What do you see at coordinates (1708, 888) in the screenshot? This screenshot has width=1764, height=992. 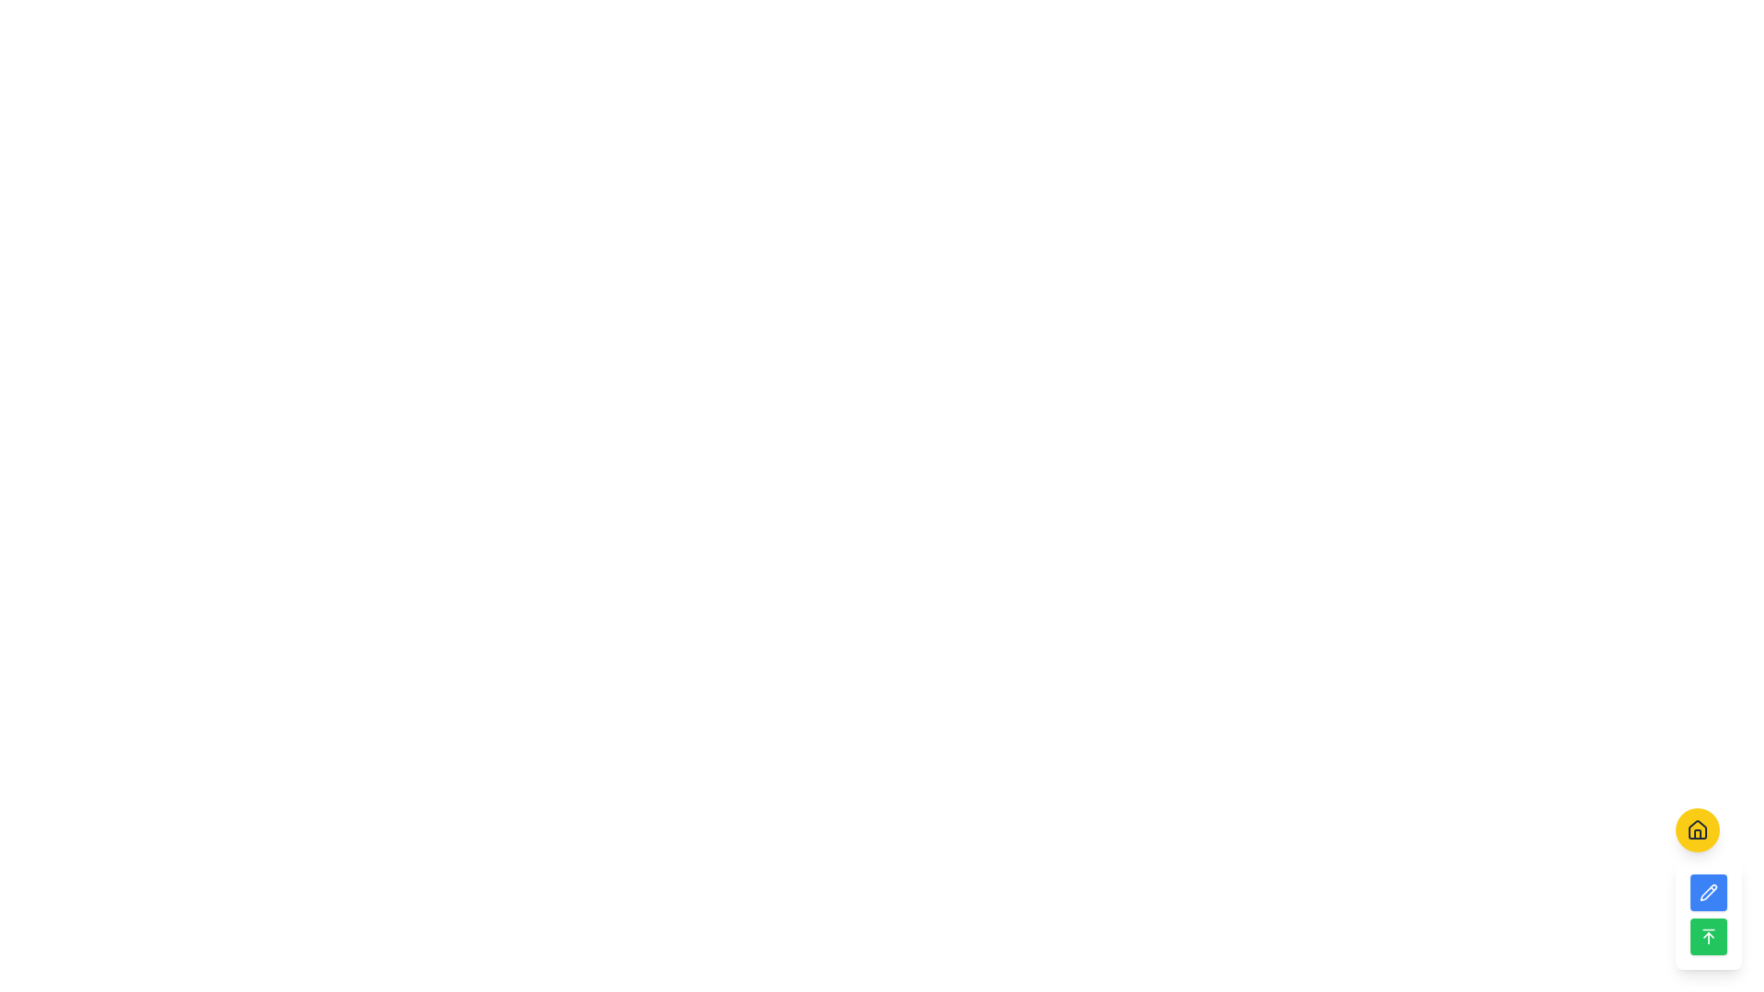 I see `the edit button located in the bottom-right corner of the interface, positioned between a yellow house button above and a green upward arrow button below` at bounding box center [1708, 888].